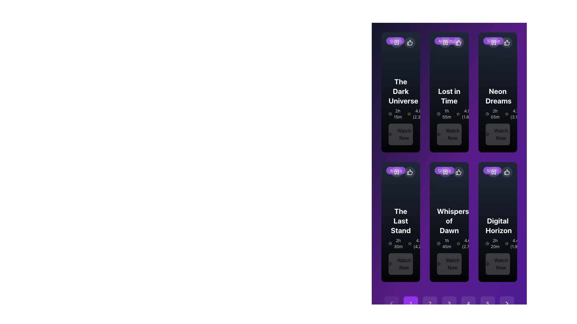 Image resolution: width=577 pixels, height=324 pixels. I want to click on rating and review count displayed in the bottom-right part of the 'Digital Horizon' item card, adjacent to the duration text, so click(513, 244).